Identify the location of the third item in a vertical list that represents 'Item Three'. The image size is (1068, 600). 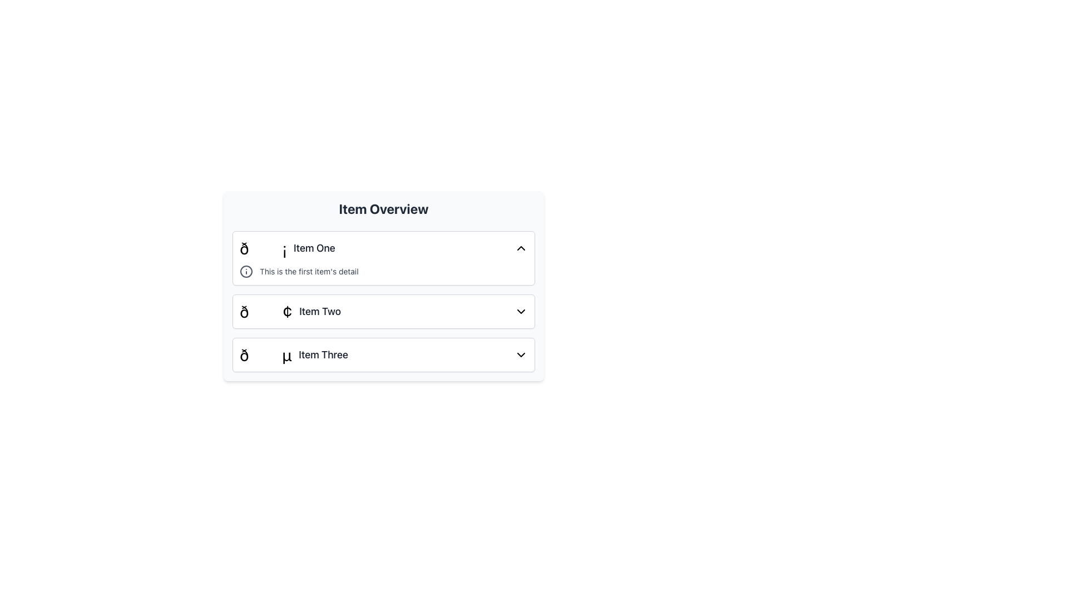
(294, 355).